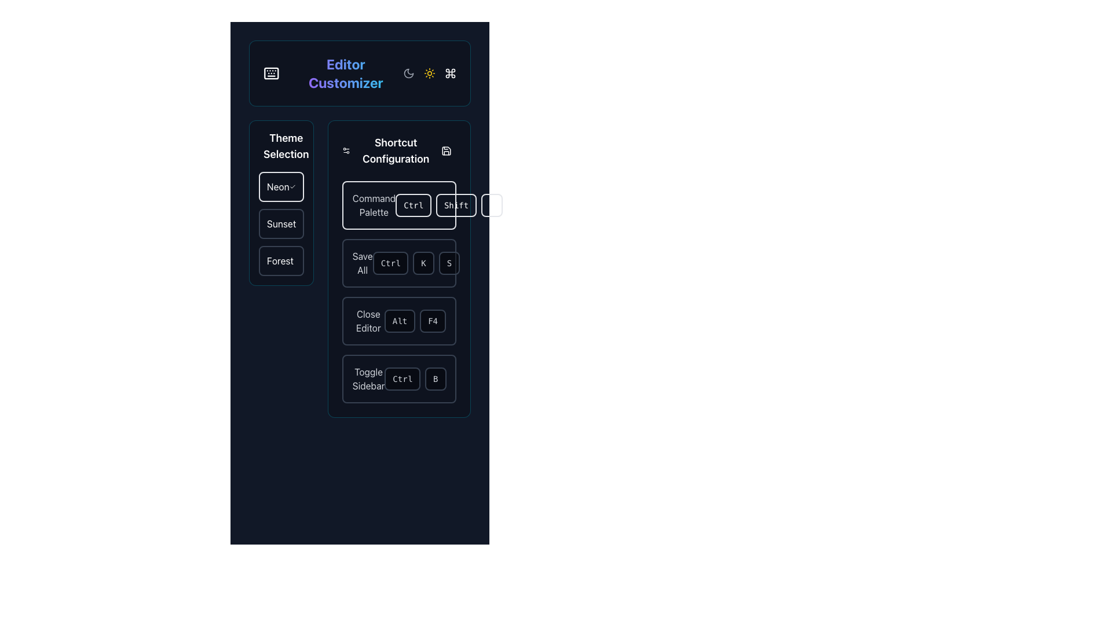 The height and width of the screenshot is (625, 1112). Describe the element at coordinates (281, 223) in the screenshot. I see `the 'Sunset' theme selection button located in the 'Theme Selection' section to change its border color` at that location.